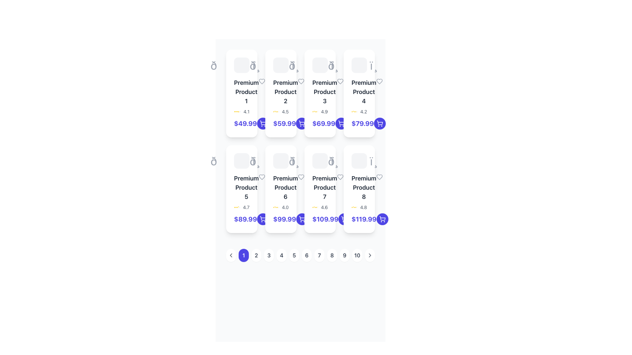  What do you see at coordinates (241, 92) in the screenshot?
I see `the text label that reads 'Premium Product 1', which is a bold title in a dark color located in the upper left corner of the product grid` at bounding box center [241, 92].